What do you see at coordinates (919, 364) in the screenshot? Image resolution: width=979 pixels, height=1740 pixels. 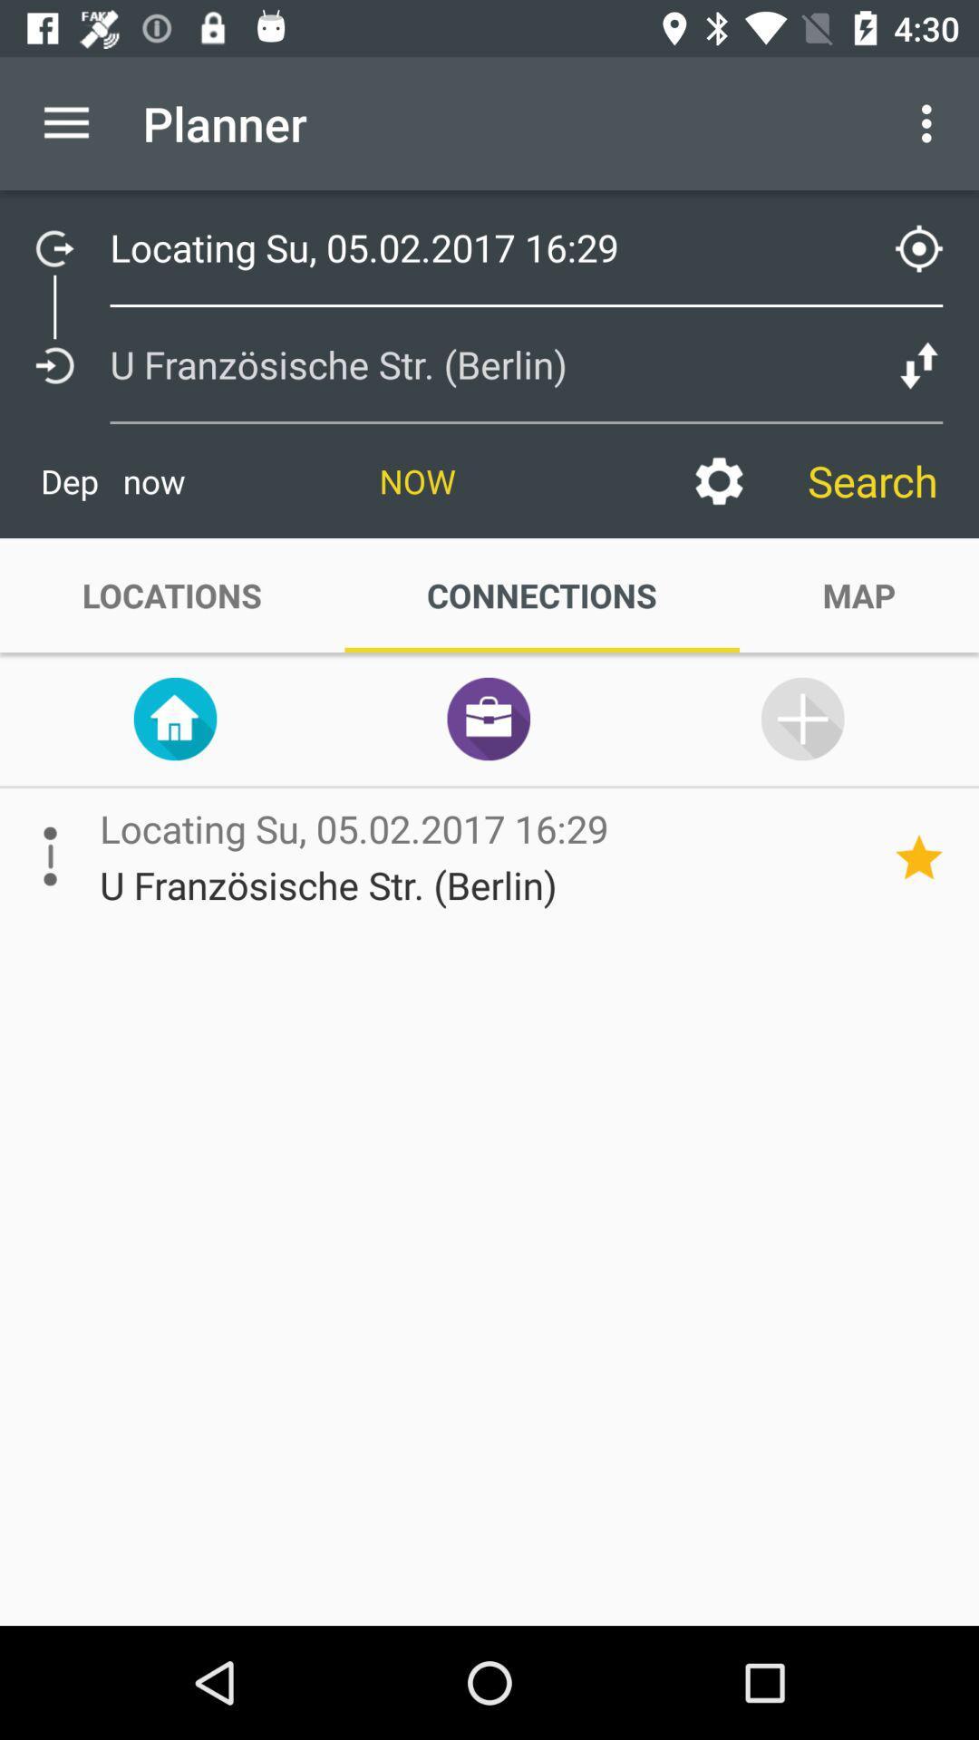 I see `the compare icon` at bounding box center [919, 364].